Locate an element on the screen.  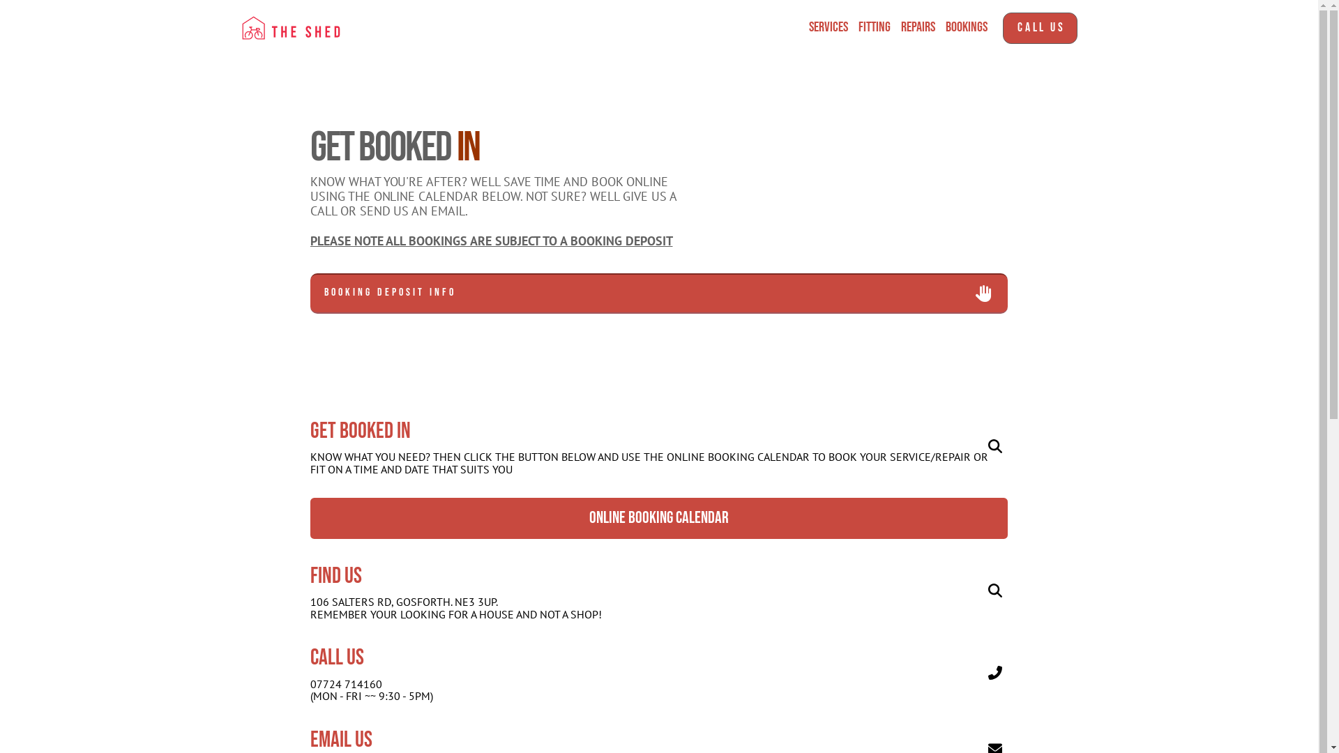
'BOOKINGS' is located at coordinates (940, 27).